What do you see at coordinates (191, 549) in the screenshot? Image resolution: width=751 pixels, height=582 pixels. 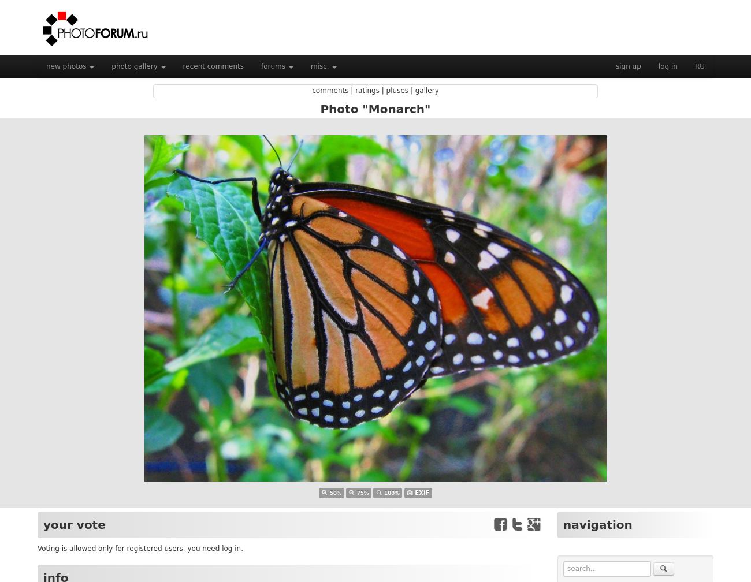 I see `'users, you need'` at bounding box center [191, 549].